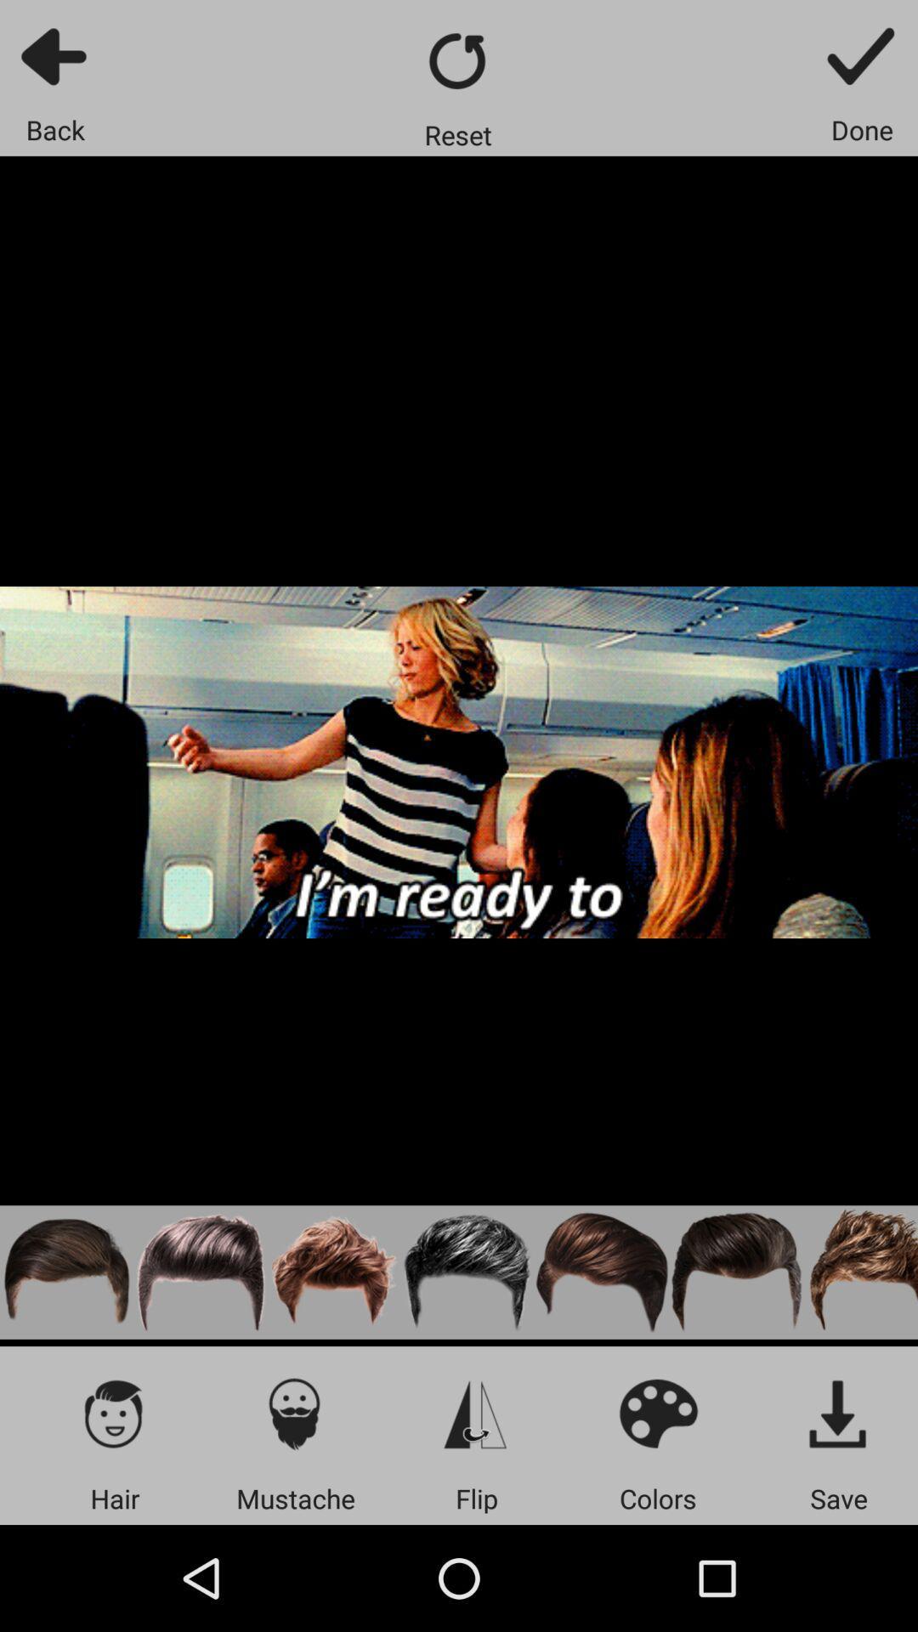 This screenshot has height=1632, width=918. Describe the element at coordinates (838, 1413) in the screenshot. I see `it` at that location.